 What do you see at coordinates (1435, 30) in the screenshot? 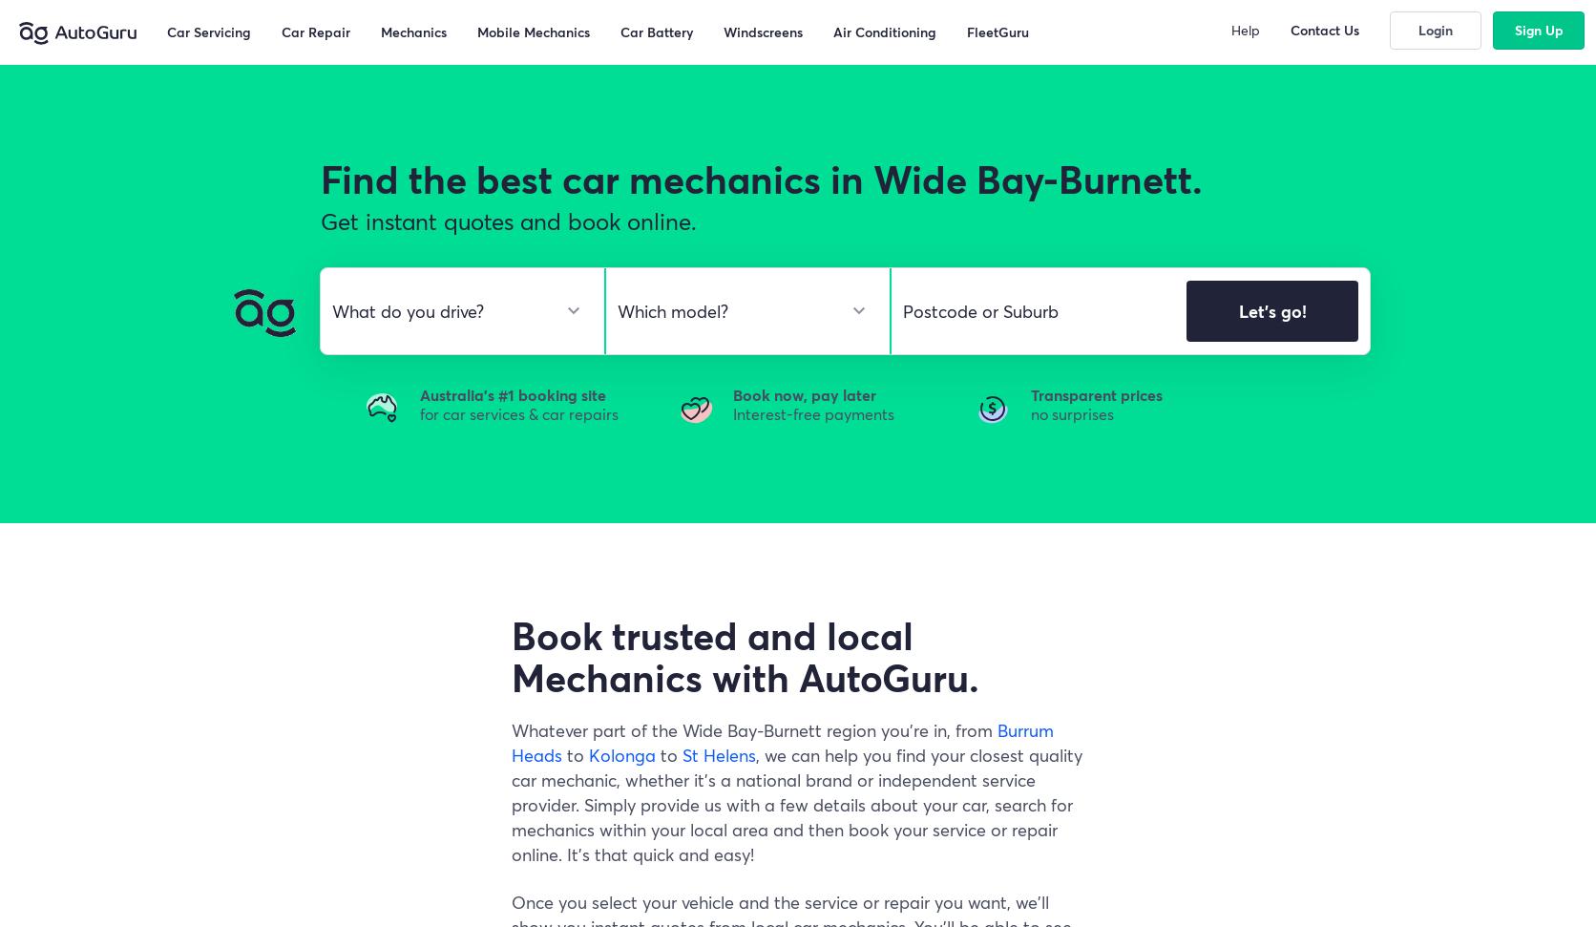
I see `'Login'` at bounding box center [1435, 30].